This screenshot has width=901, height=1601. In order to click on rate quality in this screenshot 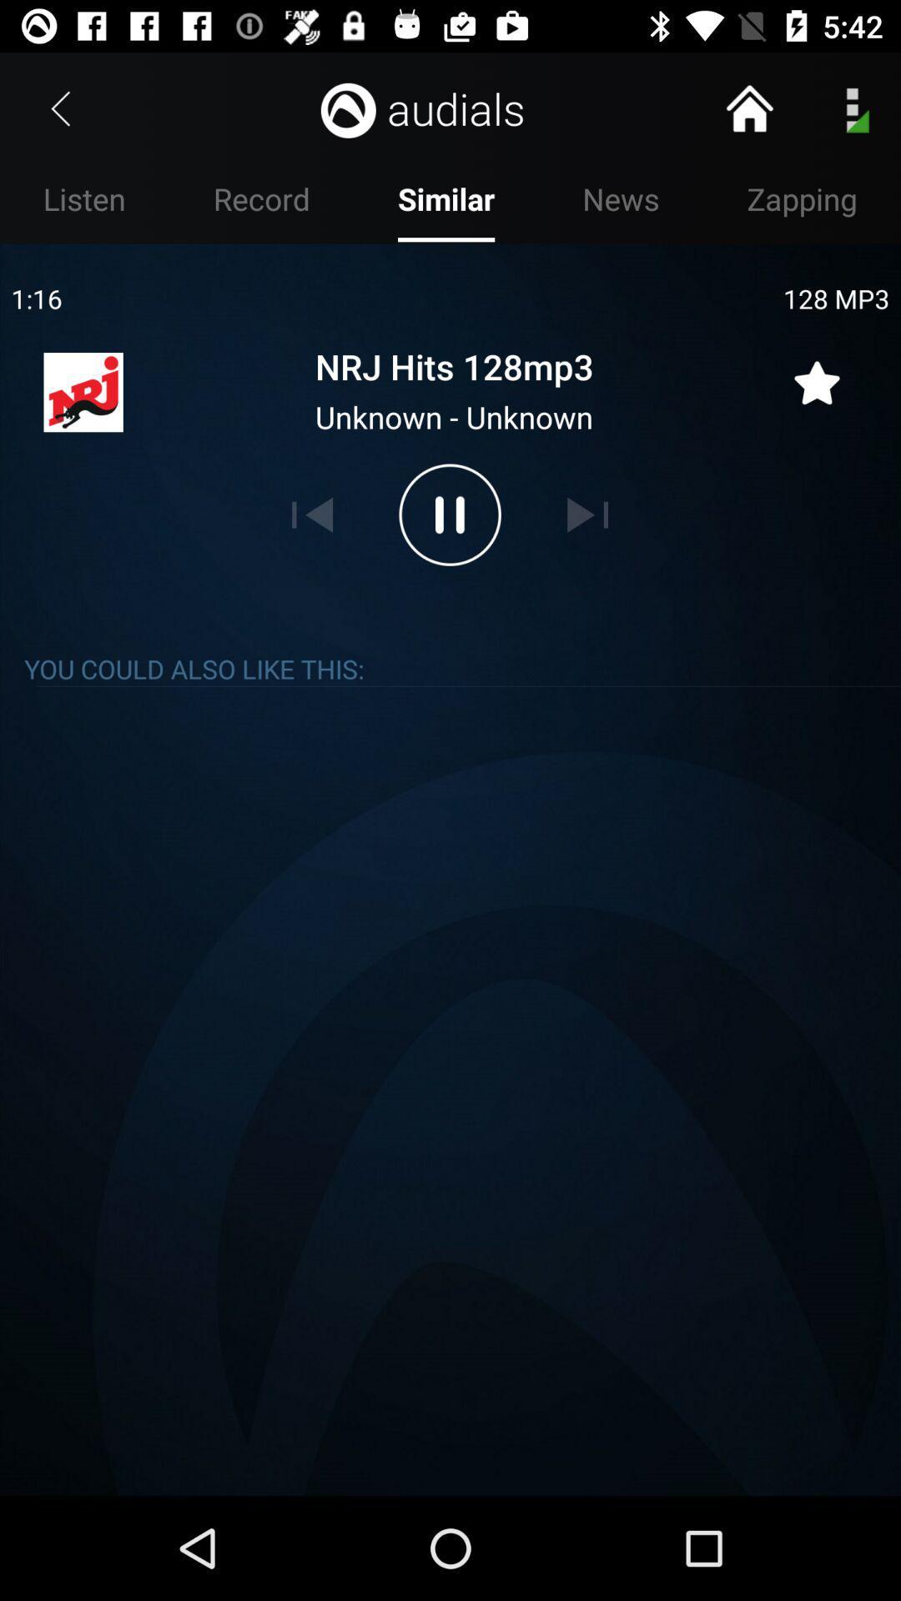, I will do `click(816, 372)`.